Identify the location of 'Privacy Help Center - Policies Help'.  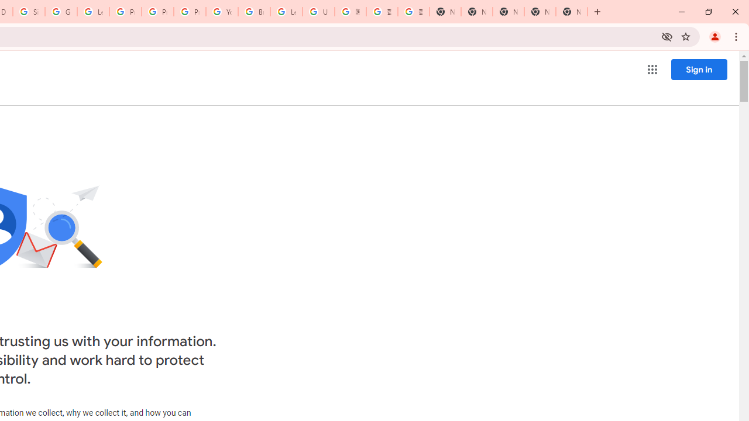
(157, 12).